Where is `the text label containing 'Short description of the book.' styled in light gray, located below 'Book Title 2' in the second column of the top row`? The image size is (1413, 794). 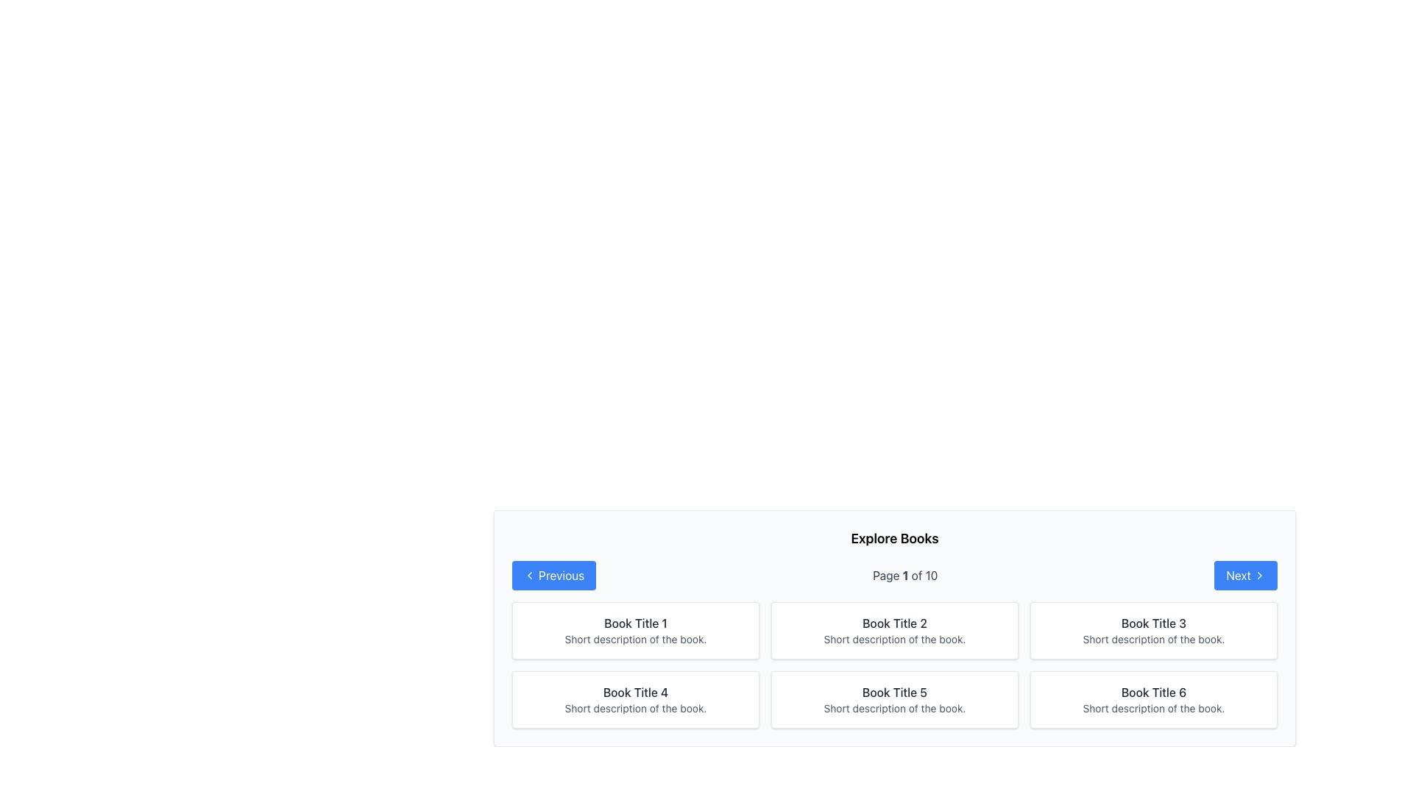 the text label containing 'Short description of the book.' styled in light gray, located below 'Book Title 2' in the second column of the top row is located at coordinates (893, 639).